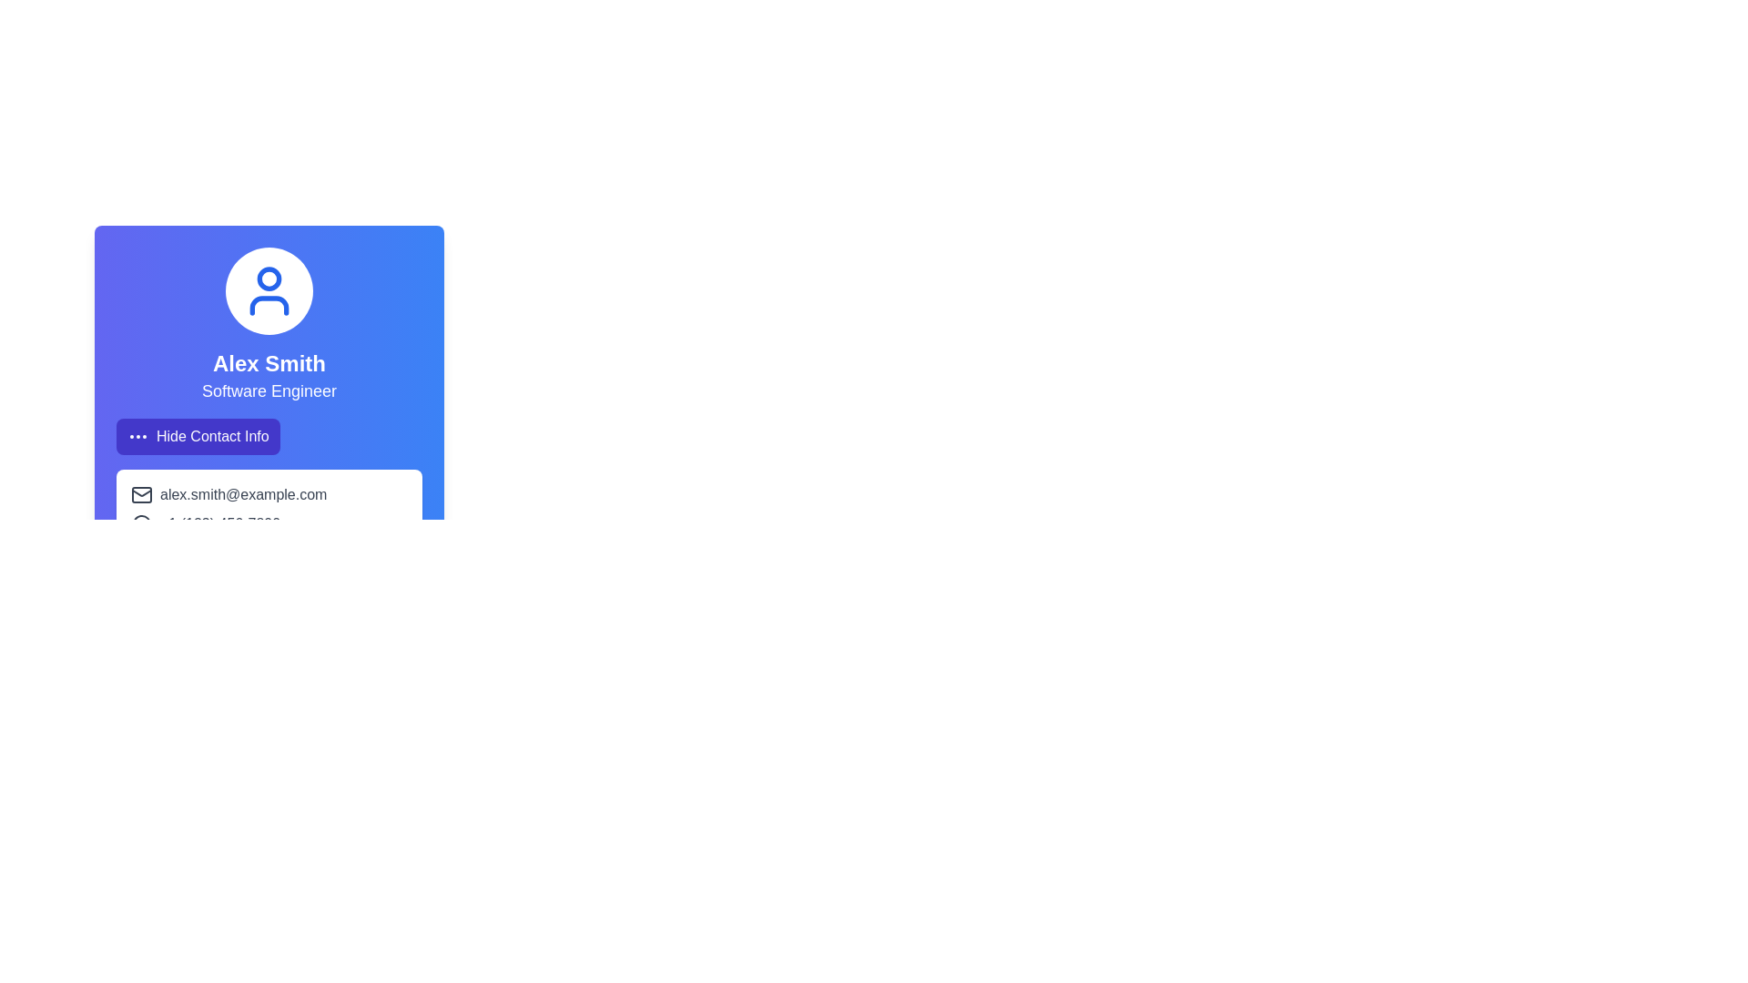 The height and width of the screenshot is (983, 1748). Describe the element at coordinates (198, 436) in the screenshot. I see `the button that toggles the visibility of contact information, located below 'Software Engineer' and above the contact details section` at that location.